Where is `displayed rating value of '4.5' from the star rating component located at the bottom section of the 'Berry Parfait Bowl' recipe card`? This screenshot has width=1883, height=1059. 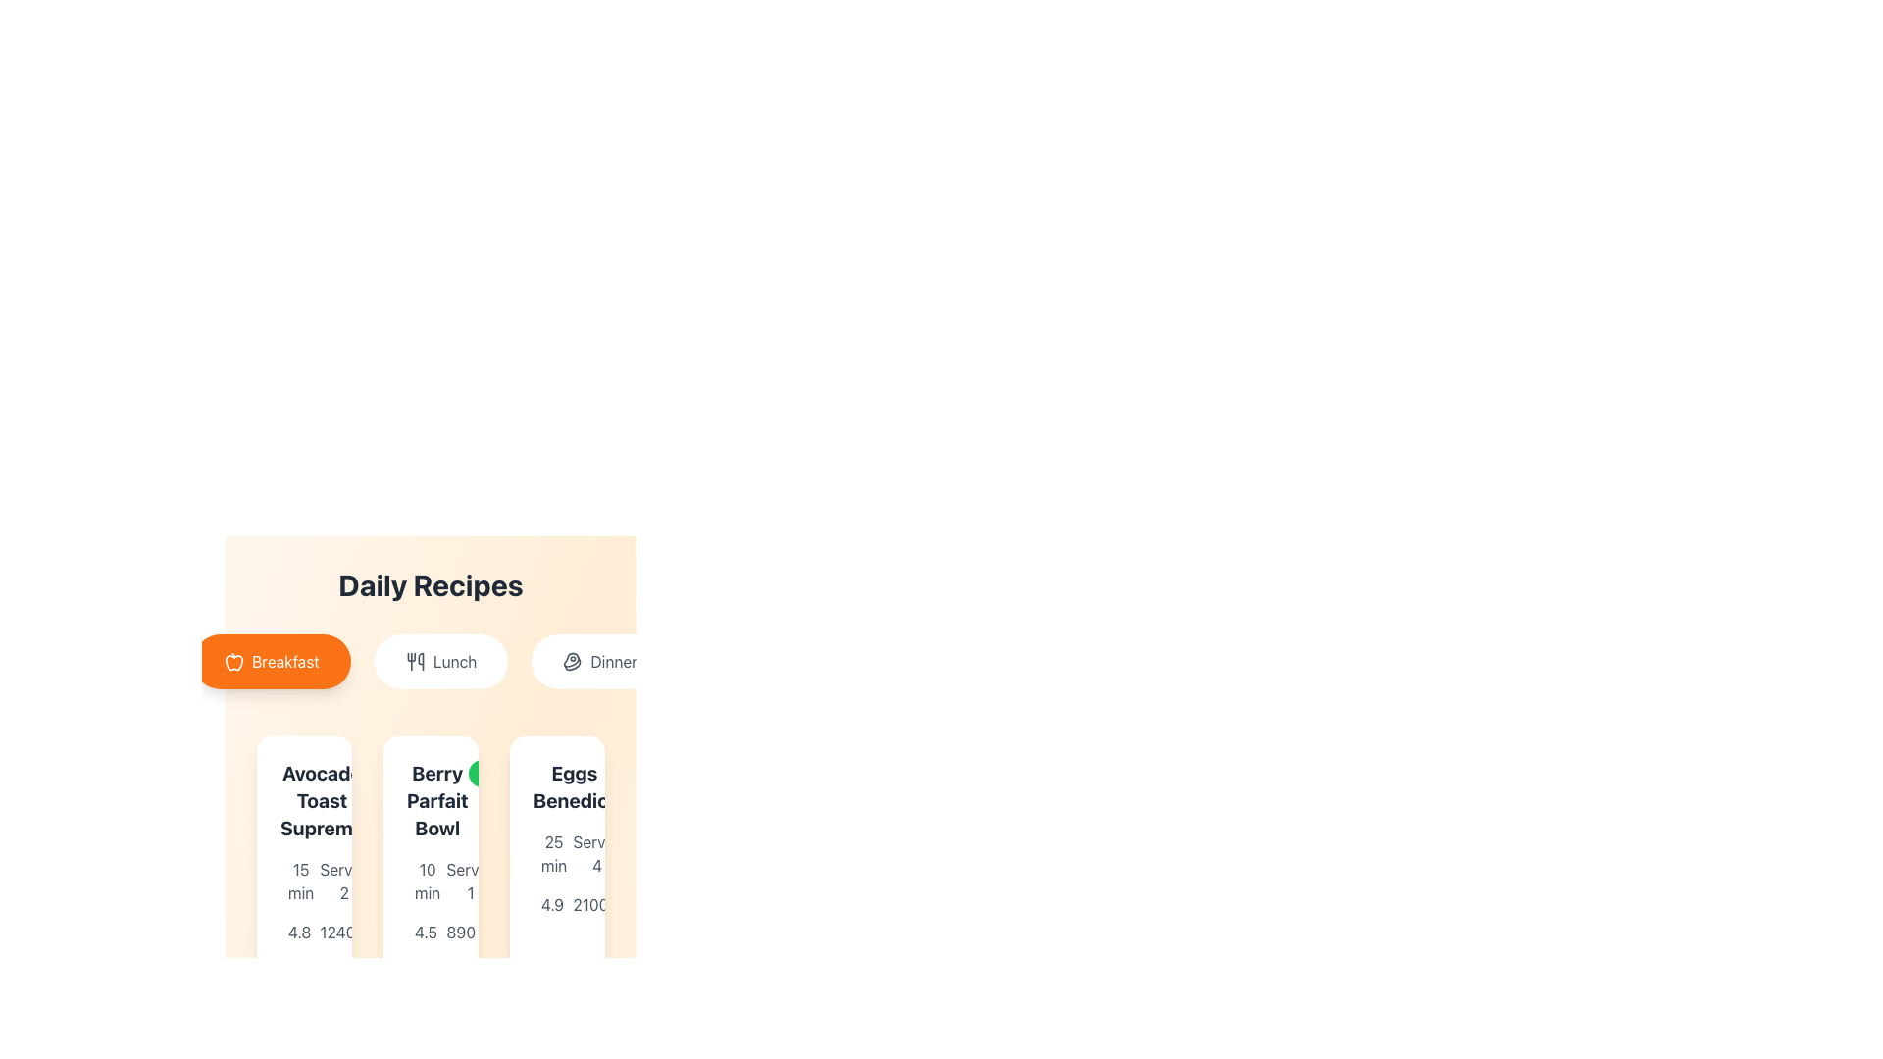
displayed rating value of '4.5' from the star rating component located at the bottom section of the 'Berry Parfait Bowl' recipe card is located at coordinates (414, 932).